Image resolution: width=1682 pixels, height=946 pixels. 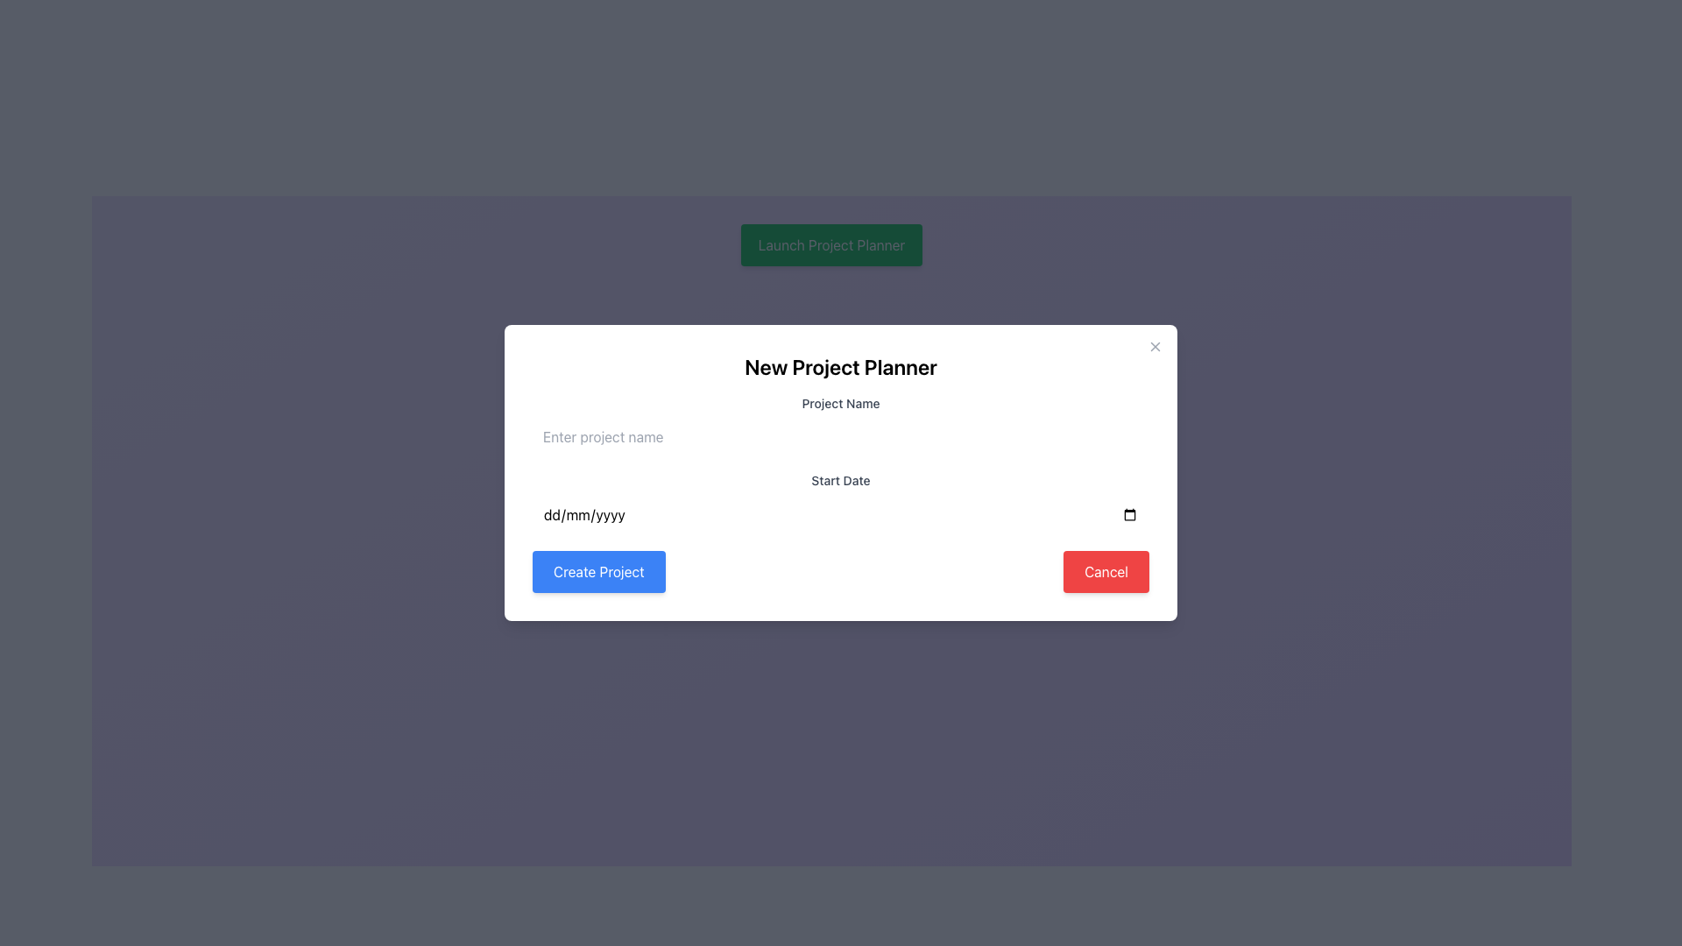 I want to click on the label indicating the start date for the project in the 'New Project Planner' form modal, which is positioned above the date input field and centered horizontally within the modal, so click(x=841, y=480).